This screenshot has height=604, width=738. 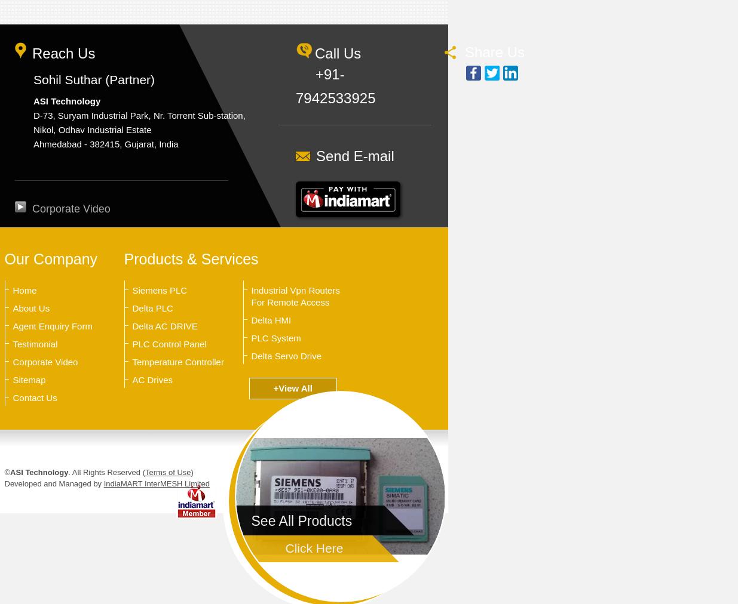 What do you see at coordinates (11, 290) in the screenshot?
I see `'Home'` at bounding box center [11, 290].